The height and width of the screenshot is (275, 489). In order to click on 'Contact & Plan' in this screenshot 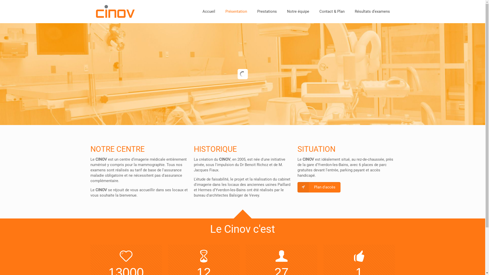, I will do `click(332, 11)`.